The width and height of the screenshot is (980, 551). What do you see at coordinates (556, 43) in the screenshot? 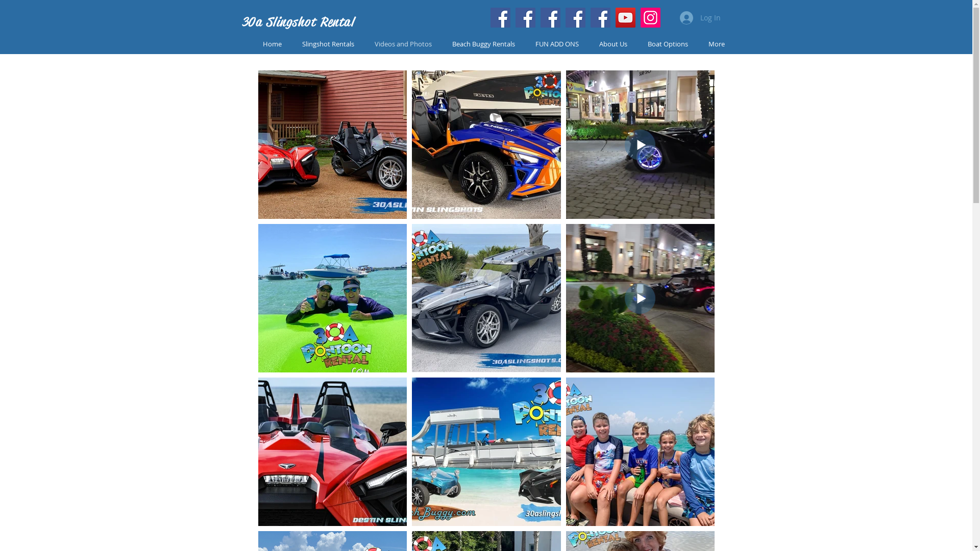
I see `'FUN ADD ONS'` at bounding box center [556, 43].